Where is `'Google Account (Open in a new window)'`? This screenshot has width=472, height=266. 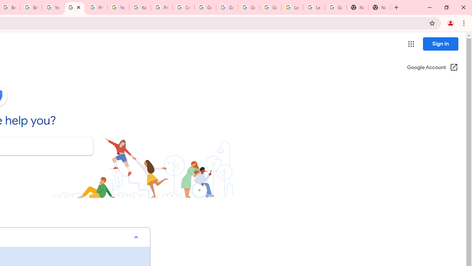
'Google Account (Open in a new window)' is located at coordinates (433, 68).